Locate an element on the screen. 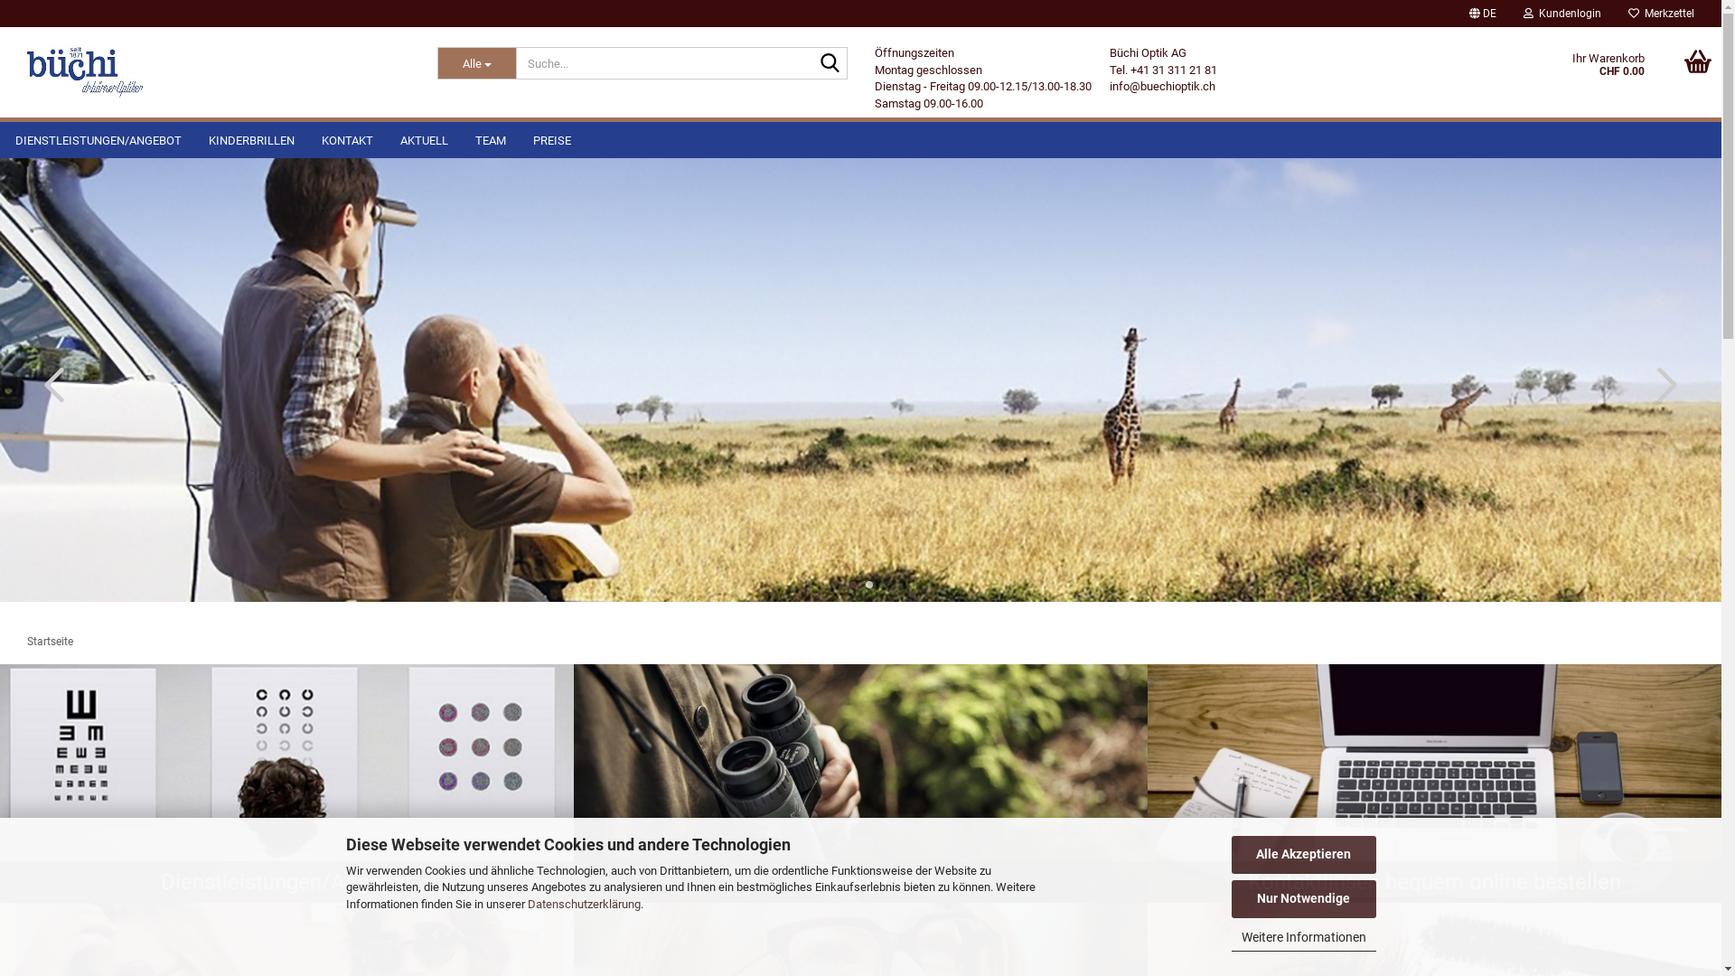  'Ihr Warenkorb is located at coordinates (1545, 71).